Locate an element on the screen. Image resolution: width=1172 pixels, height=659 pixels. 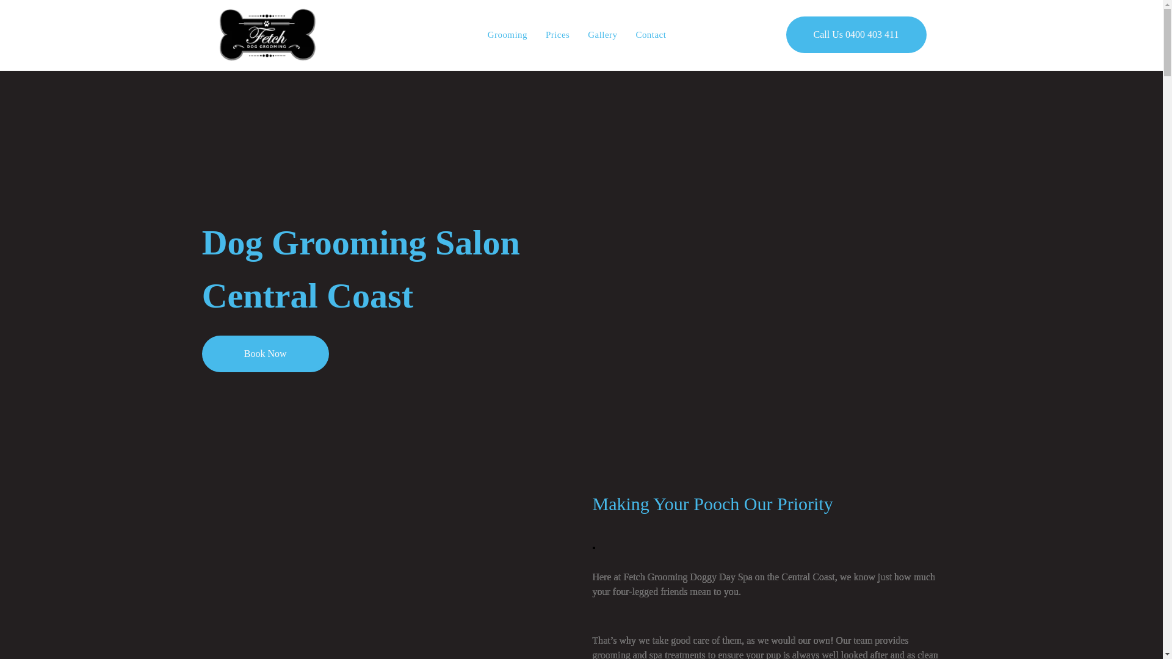
'Grooming' is located at coordinates (507, 34).